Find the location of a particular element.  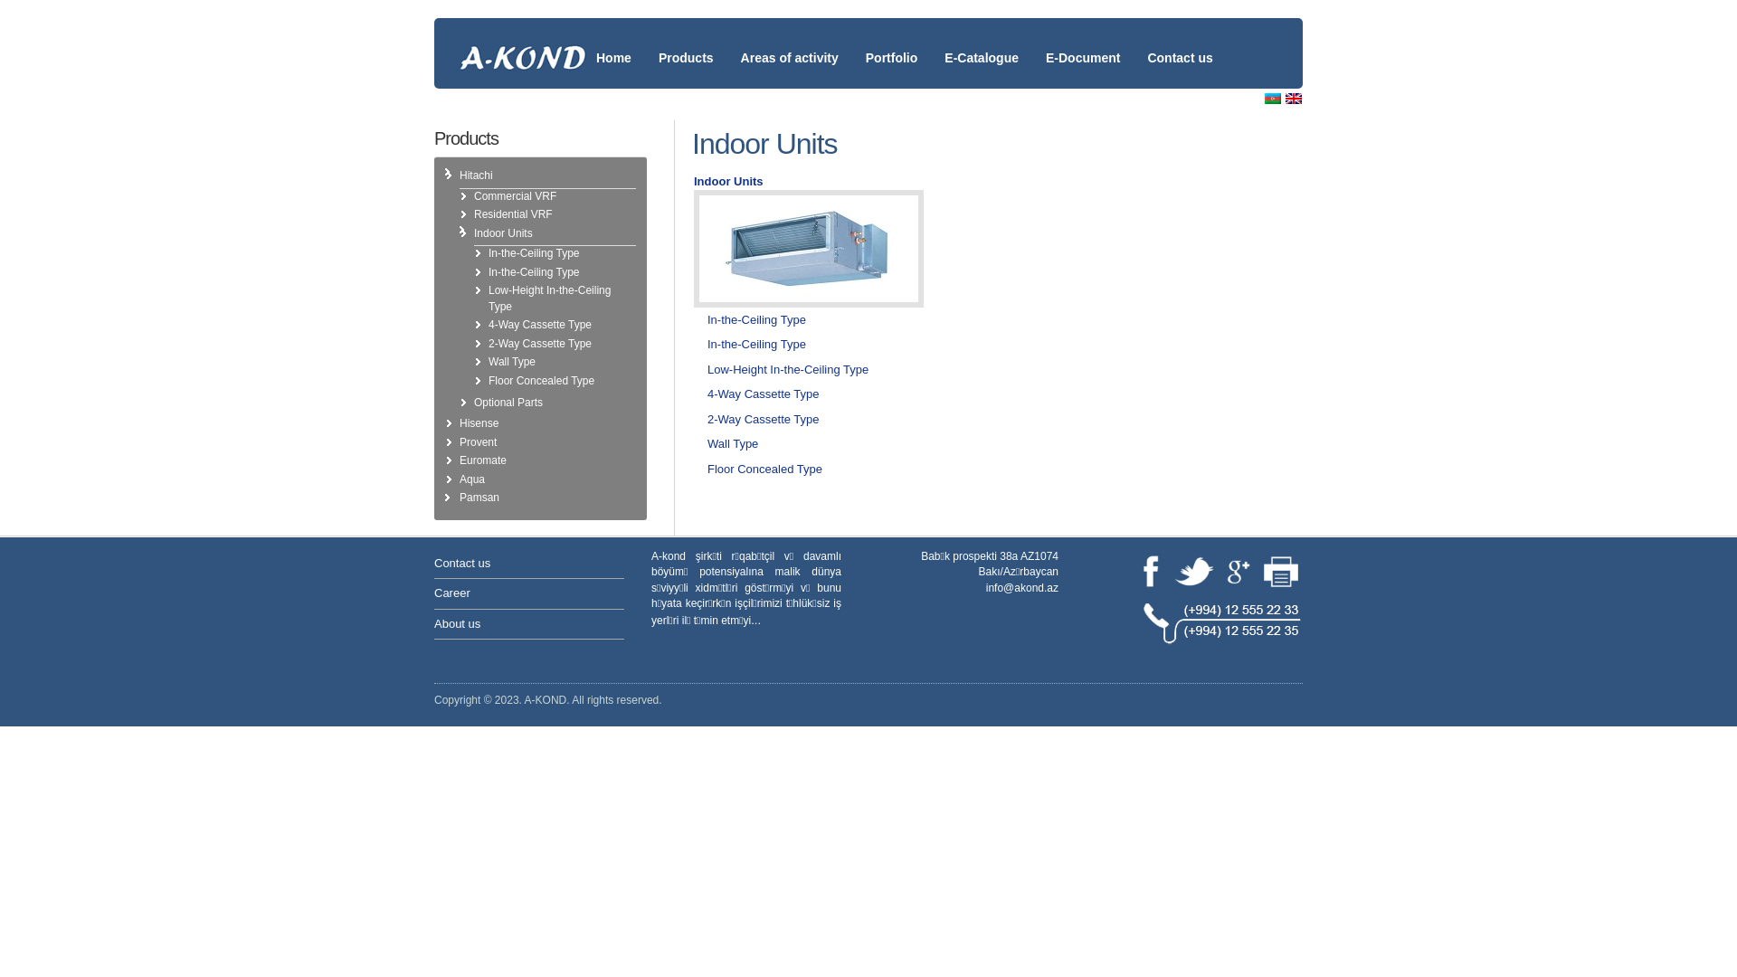

'In-the-Ceiling Type' is located at coordinates (707, 344).